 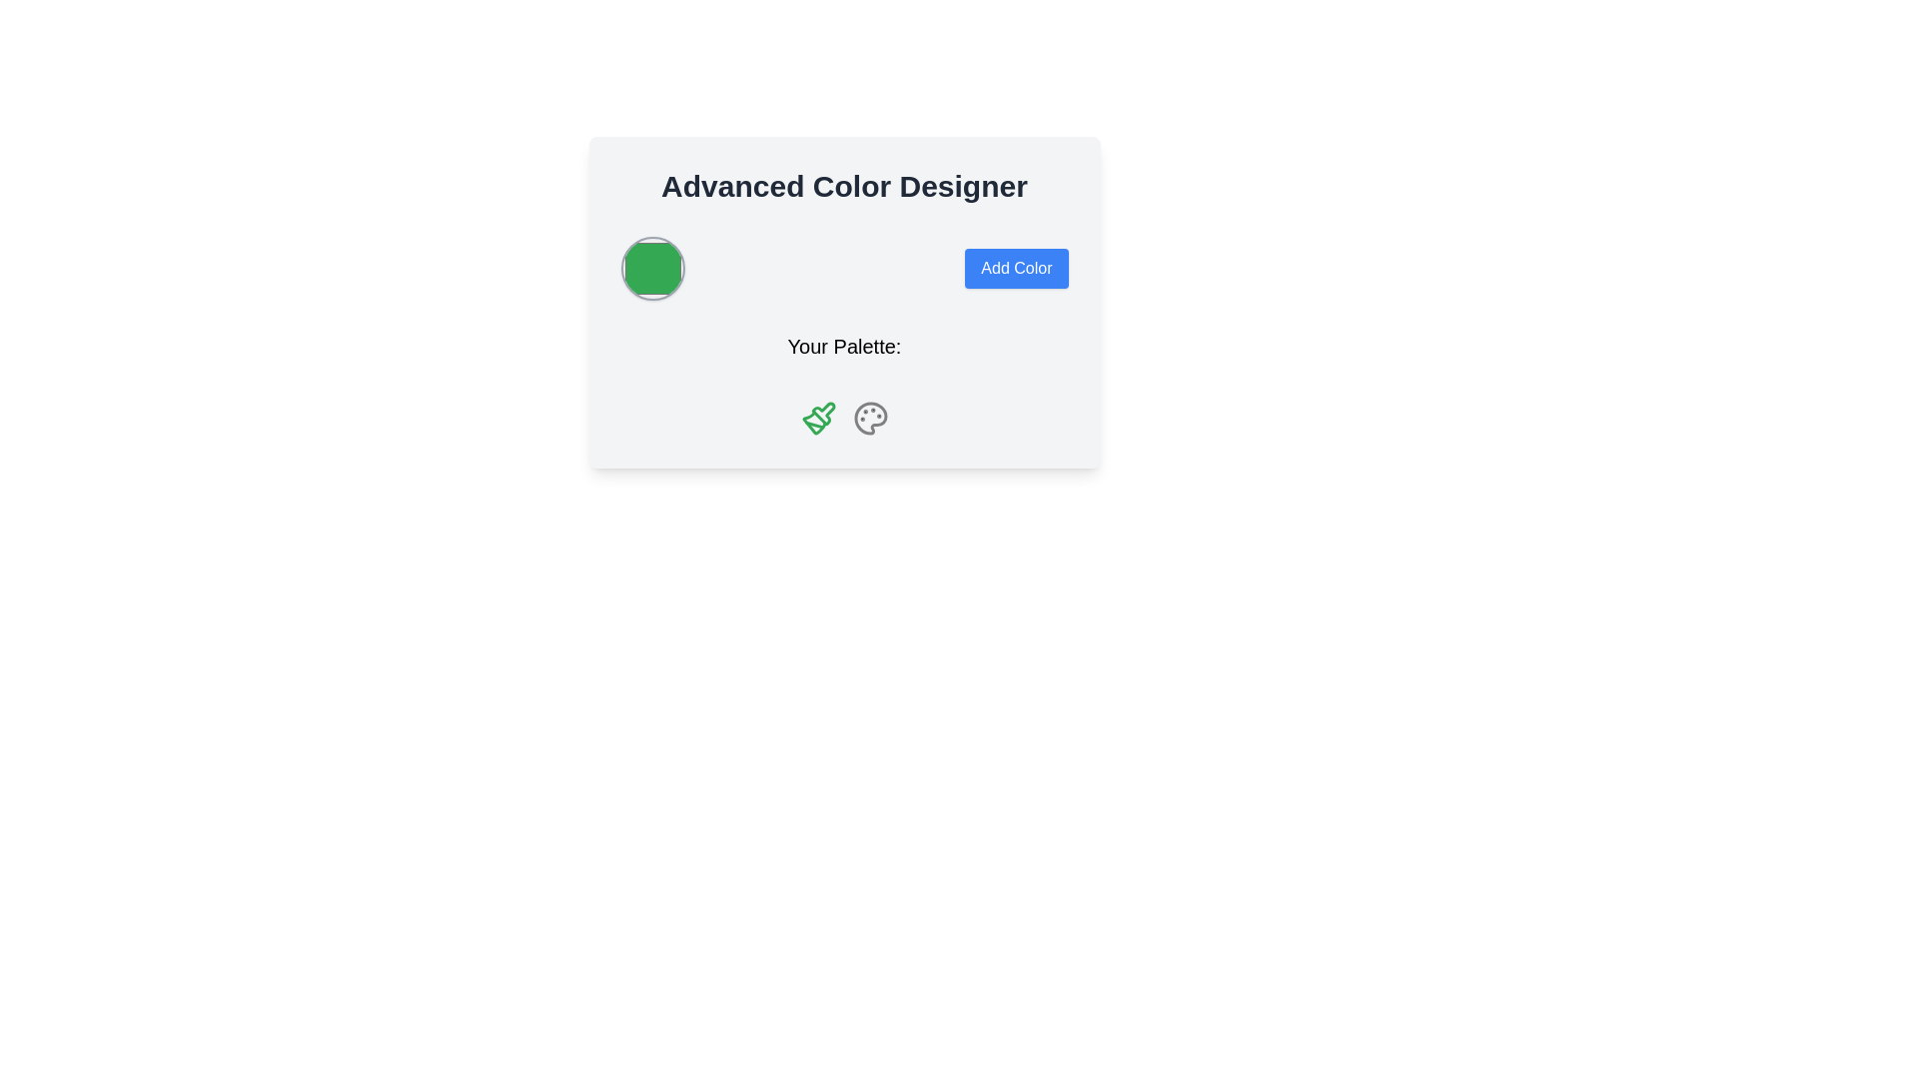 I want to click on the green circular Color Swatch, which has a gray outline and shadow effect, so click(x=652, y=268).